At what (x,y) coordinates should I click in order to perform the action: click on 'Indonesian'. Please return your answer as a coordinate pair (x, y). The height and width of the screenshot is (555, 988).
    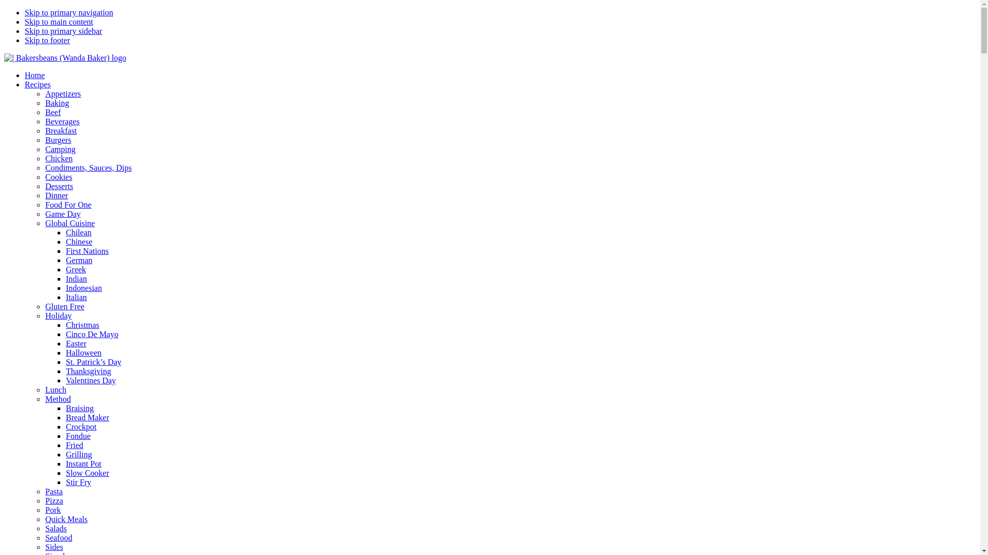
    Looking at the image, I should click on (84, 288).